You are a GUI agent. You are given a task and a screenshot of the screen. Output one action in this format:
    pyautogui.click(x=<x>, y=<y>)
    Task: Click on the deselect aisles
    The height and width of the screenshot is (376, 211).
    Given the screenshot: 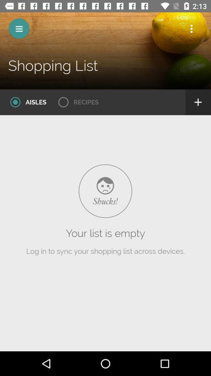 What is the action you would take?
    pyautogui.click(x=25, y=102)
    